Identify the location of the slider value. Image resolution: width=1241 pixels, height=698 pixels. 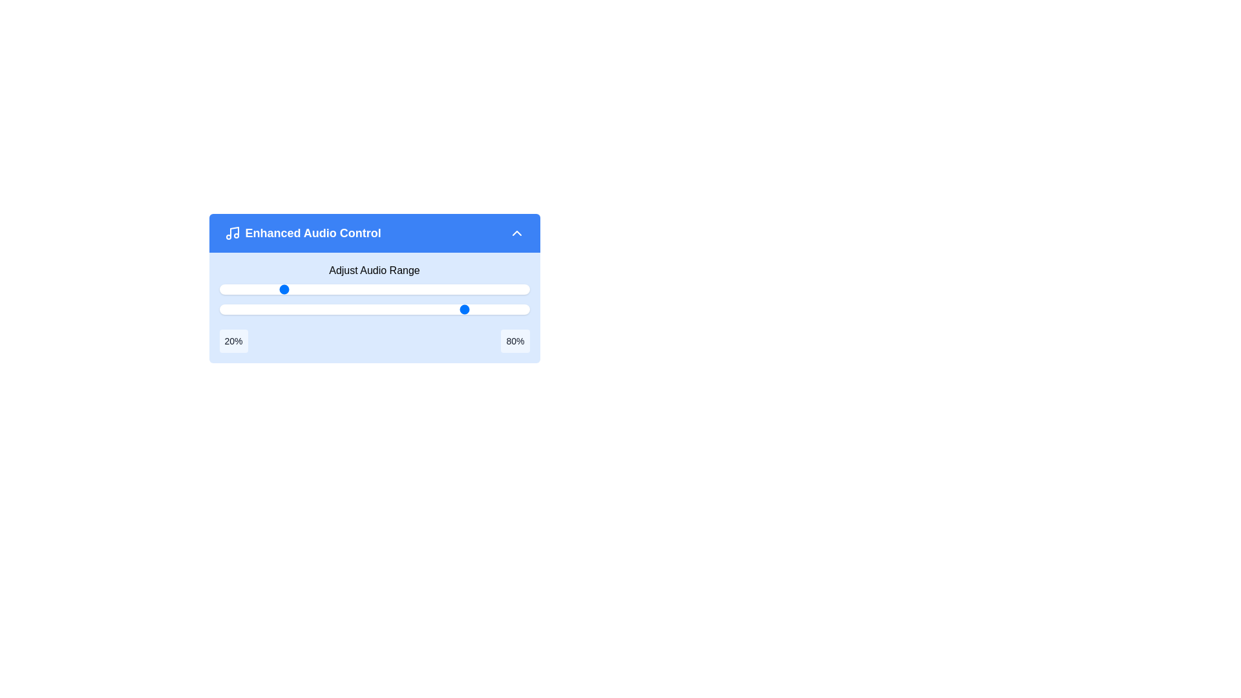
(259, 288).